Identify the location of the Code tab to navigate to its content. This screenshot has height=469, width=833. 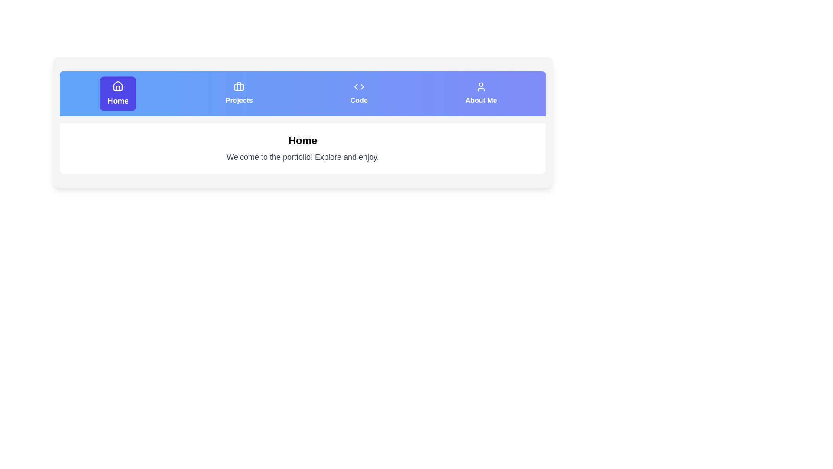
(358, 94).